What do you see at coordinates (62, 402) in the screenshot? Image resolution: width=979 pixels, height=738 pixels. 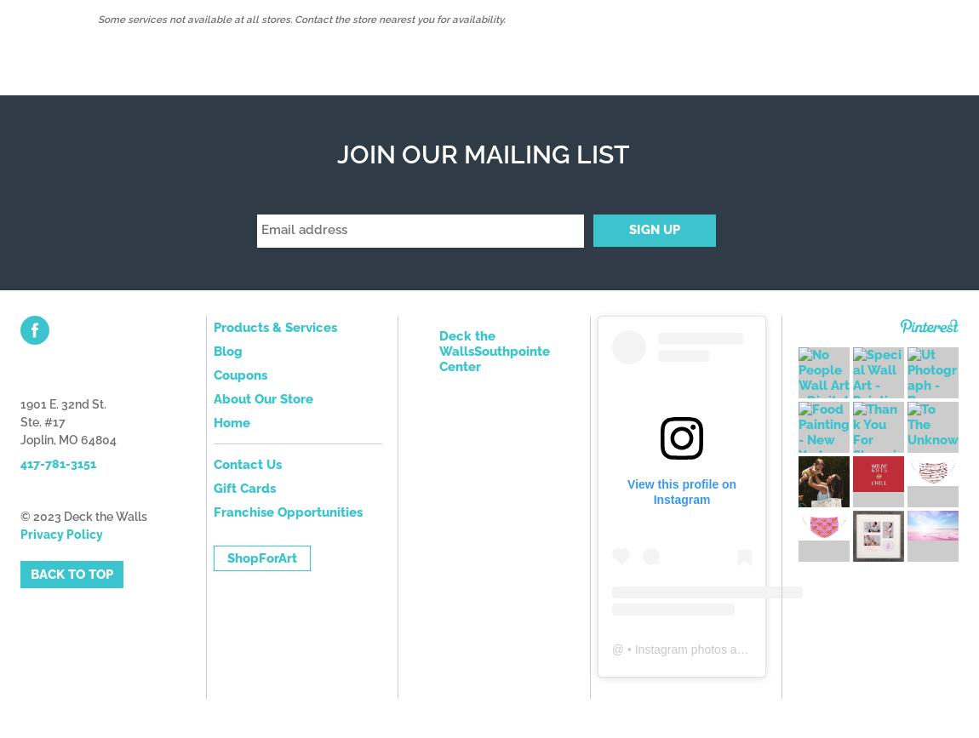 I see `'1901 E. 32nd St.'` at bounding box center [62, 402].